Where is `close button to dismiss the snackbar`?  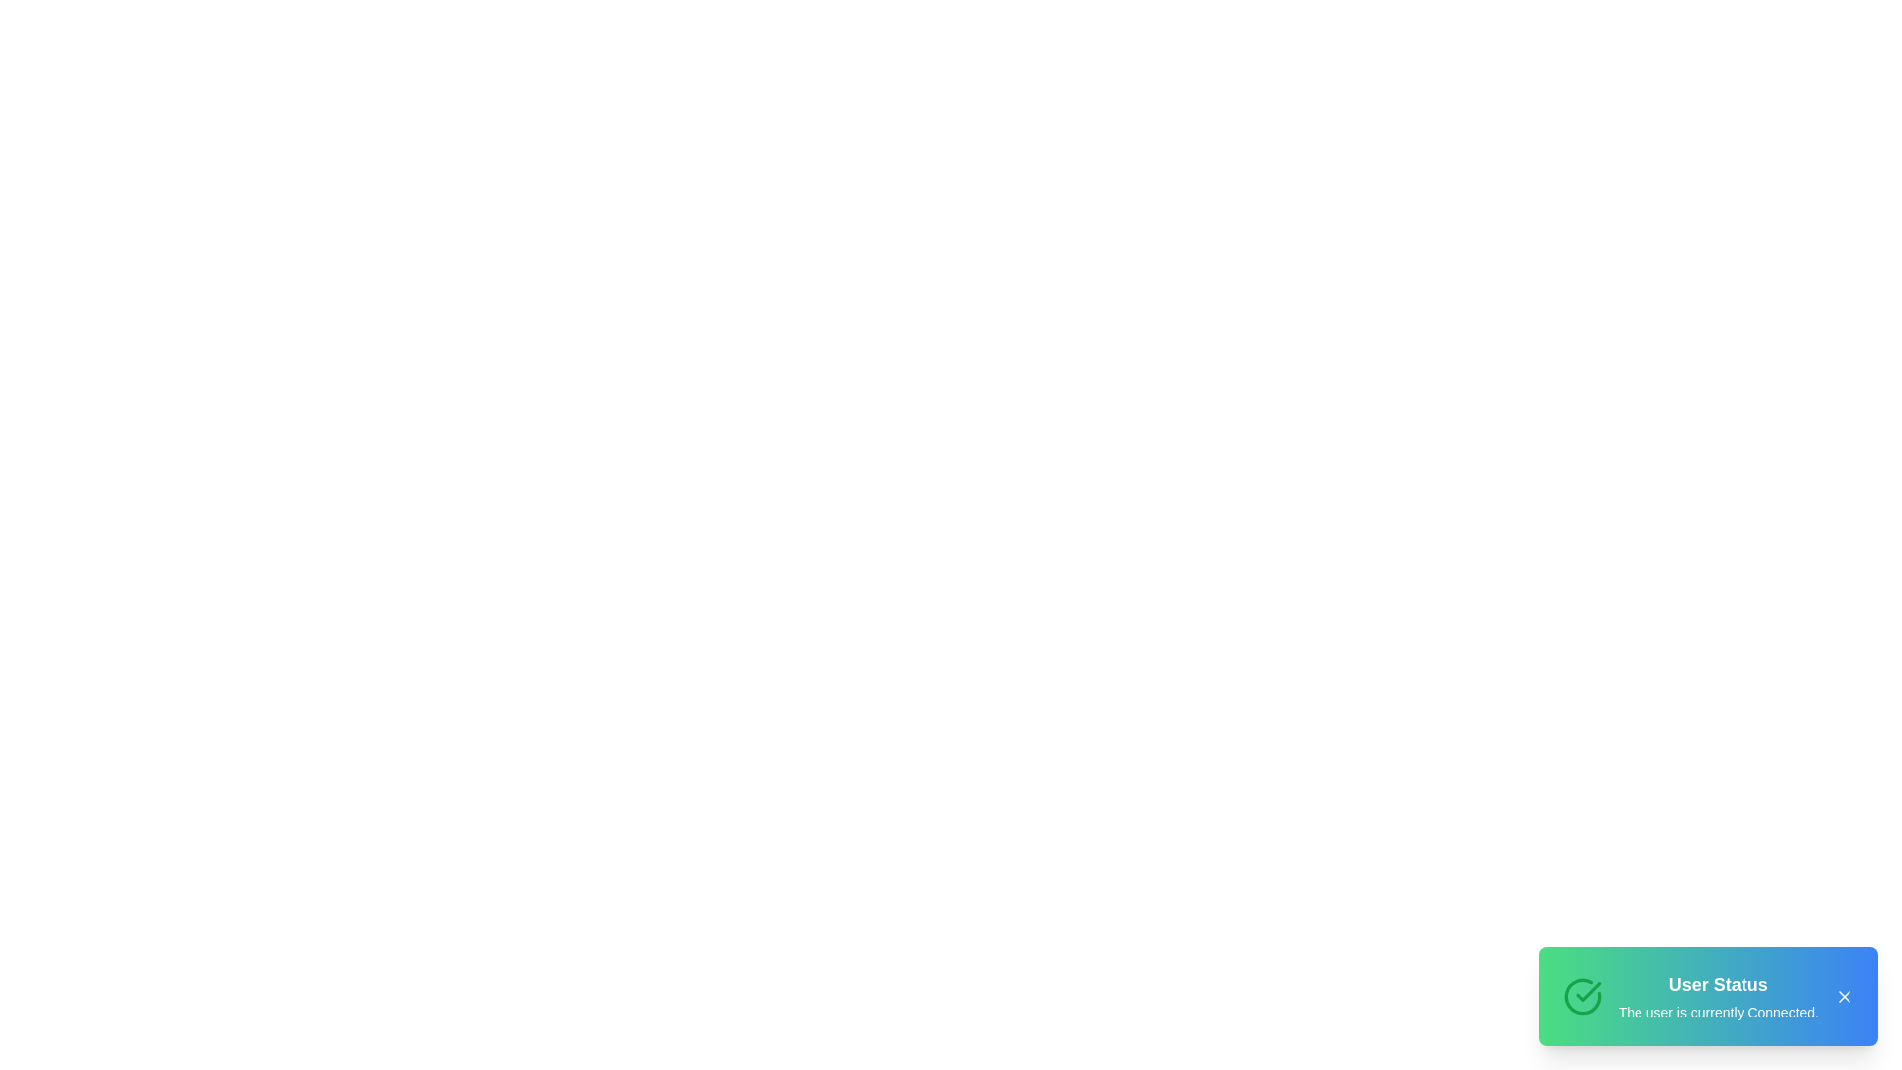 close button to dismiss the snackbar is located at coordinates (1844, 997).